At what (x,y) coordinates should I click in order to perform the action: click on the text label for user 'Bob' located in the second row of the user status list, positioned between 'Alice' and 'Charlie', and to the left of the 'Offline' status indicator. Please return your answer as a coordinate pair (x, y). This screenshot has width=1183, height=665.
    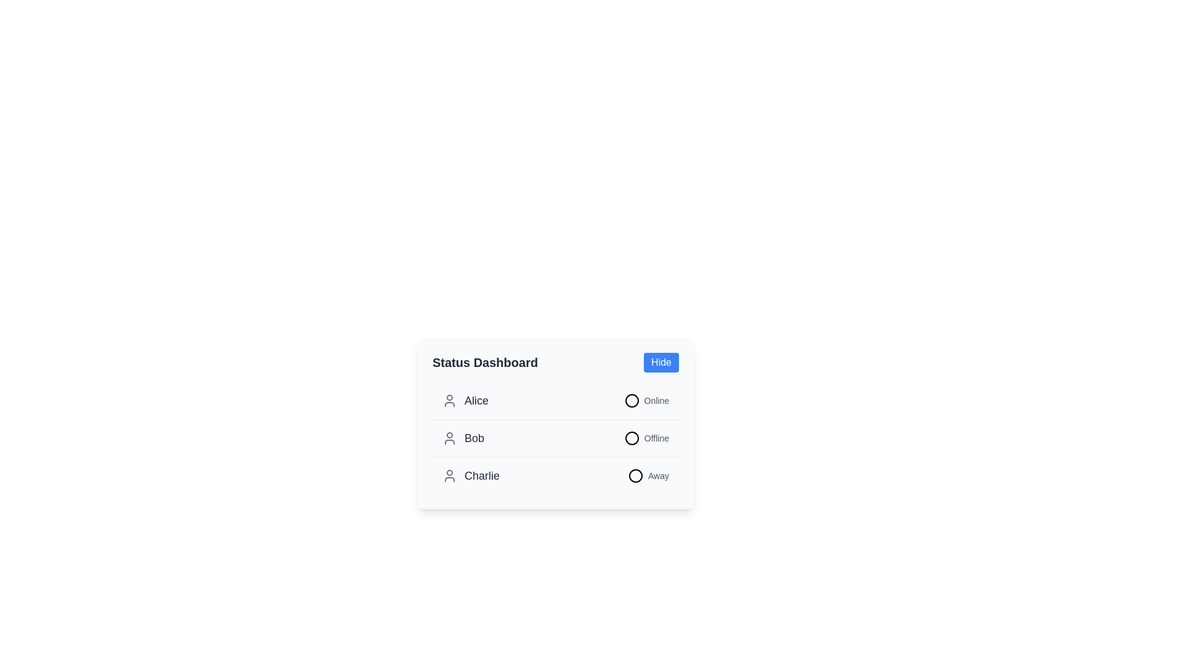
    Looking at the image, I should click on (463, 438).